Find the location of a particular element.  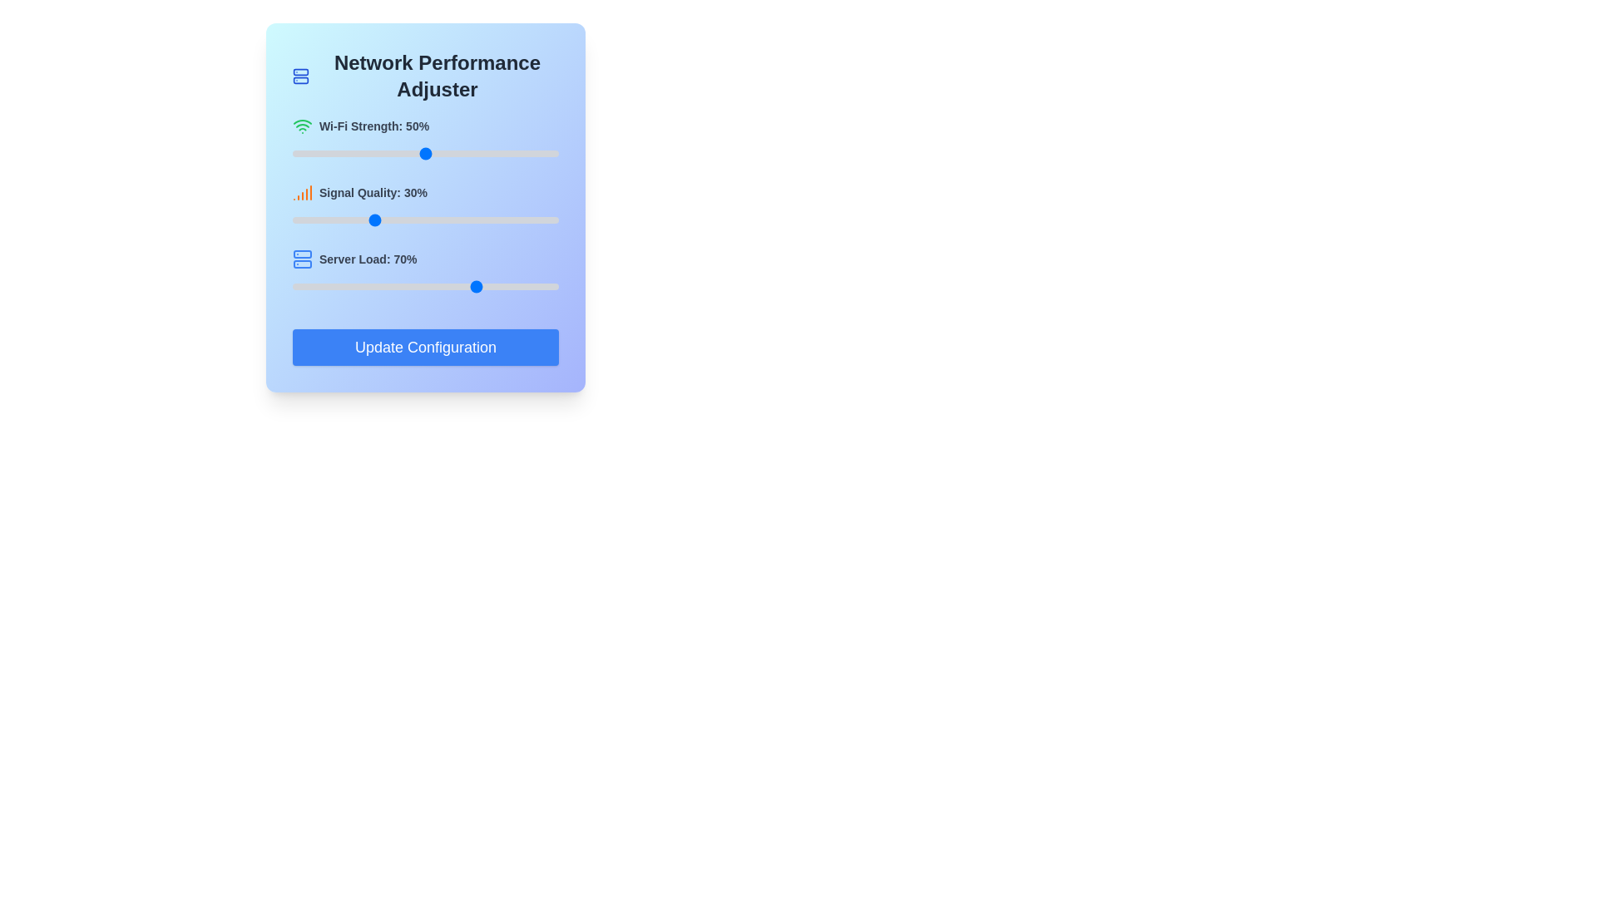

Wi-Fi strength is located at coordinates (507, 154).